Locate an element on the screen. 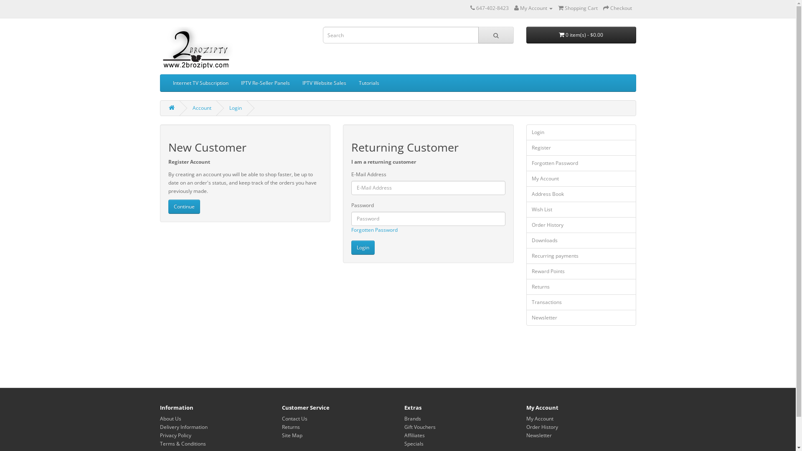 The width and height of the screenshot is (802, 451). 'Contact Us' is located at coordinates (282, 418).